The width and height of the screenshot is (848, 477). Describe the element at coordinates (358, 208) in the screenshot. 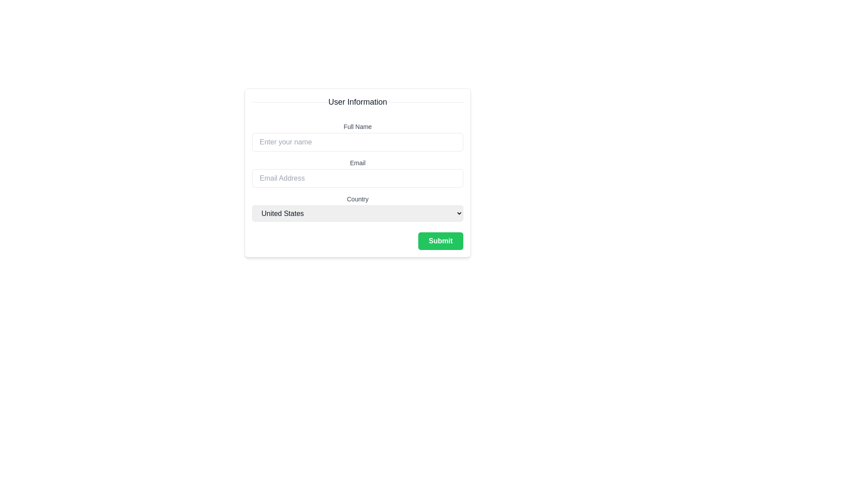

I see `the arrow of the Country dropdown menu` at that location.